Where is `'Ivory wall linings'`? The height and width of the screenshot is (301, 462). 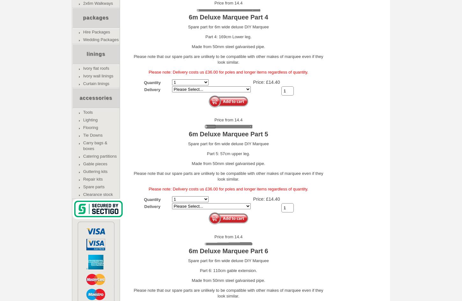 'Ivory wall linings' is located at coordinates (98, 75).